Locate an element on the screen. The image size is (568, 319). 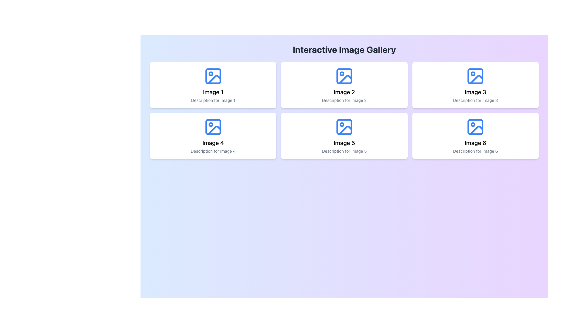
the SVG-based Icon in the card layout titled 'Image 6', which is located in the second row, third column of the interactive image gallery grid, directly above the text 'Description for Image 6' is located at coordinates (475, 126).